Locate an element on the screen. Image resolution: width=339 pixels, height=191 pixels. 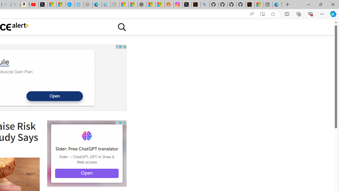
'help.x.com | 524: A timeout occurred' is located at coordinates (196, 5).